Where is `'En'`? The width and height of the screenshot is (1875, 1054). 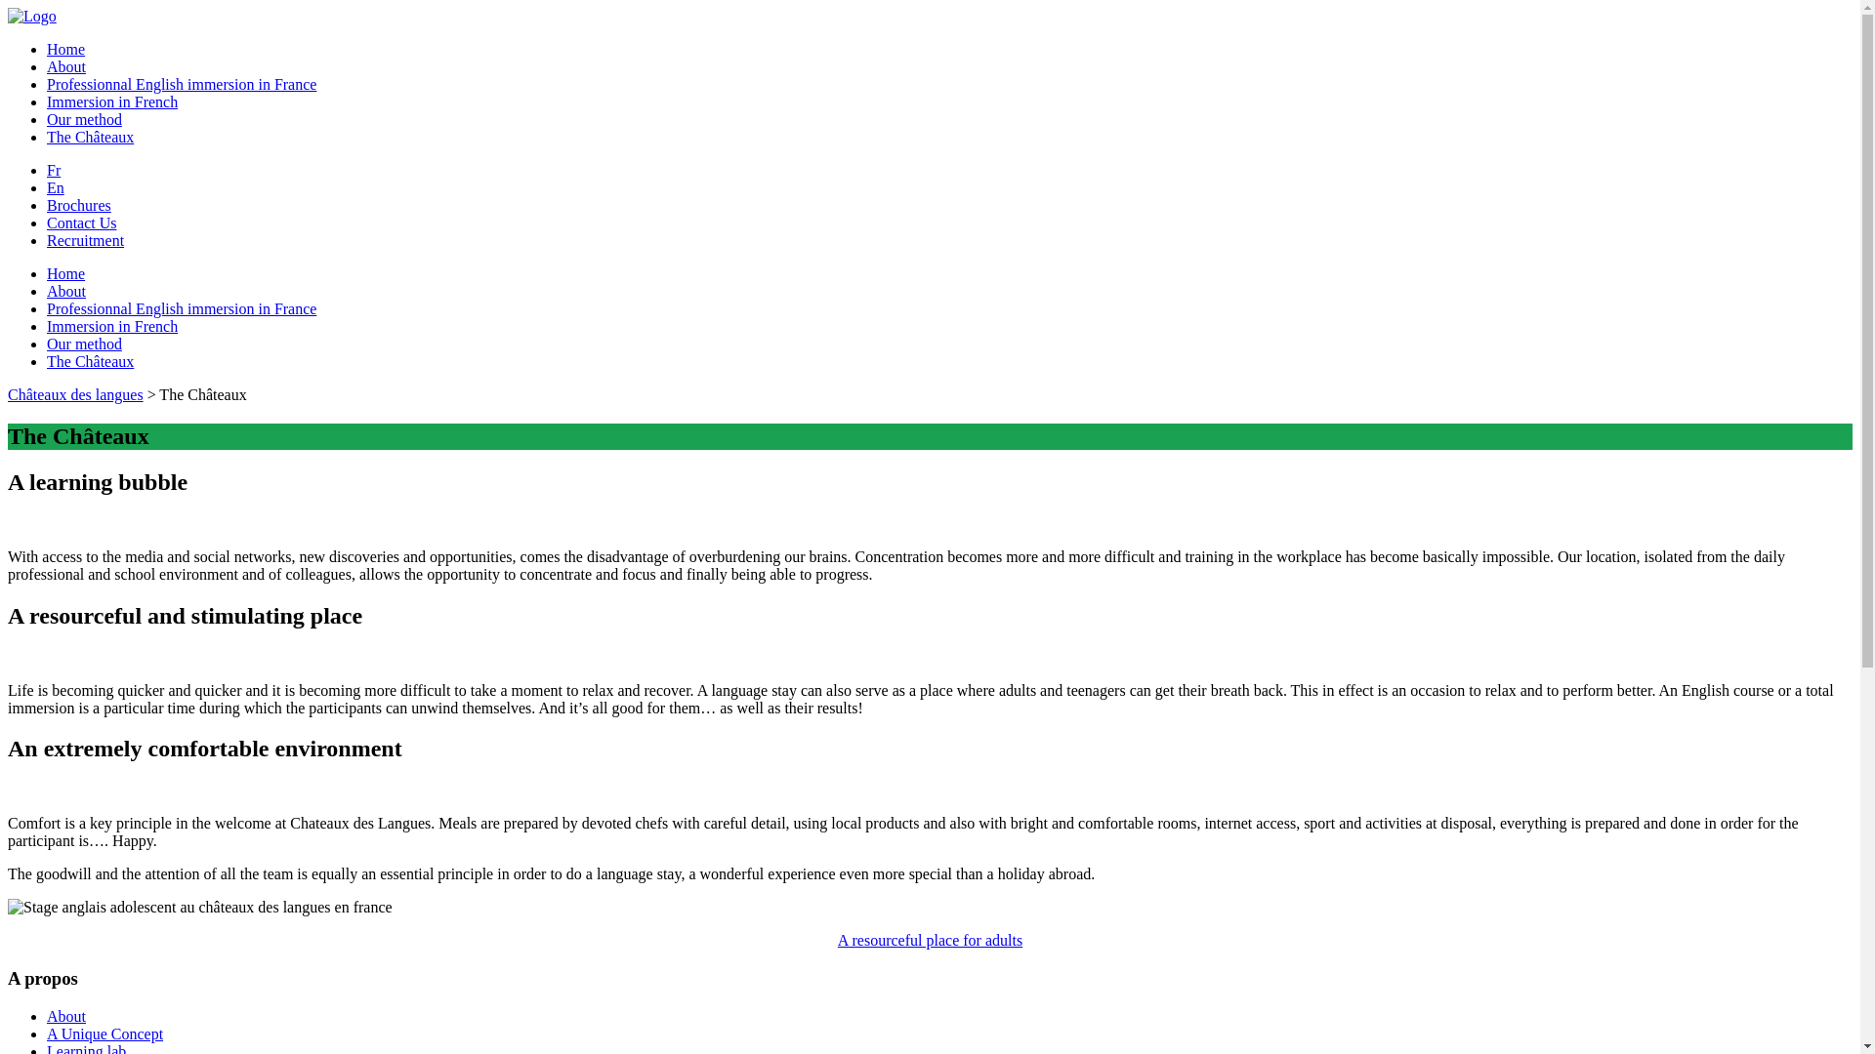 'En' is located at coordinates (47, 187).